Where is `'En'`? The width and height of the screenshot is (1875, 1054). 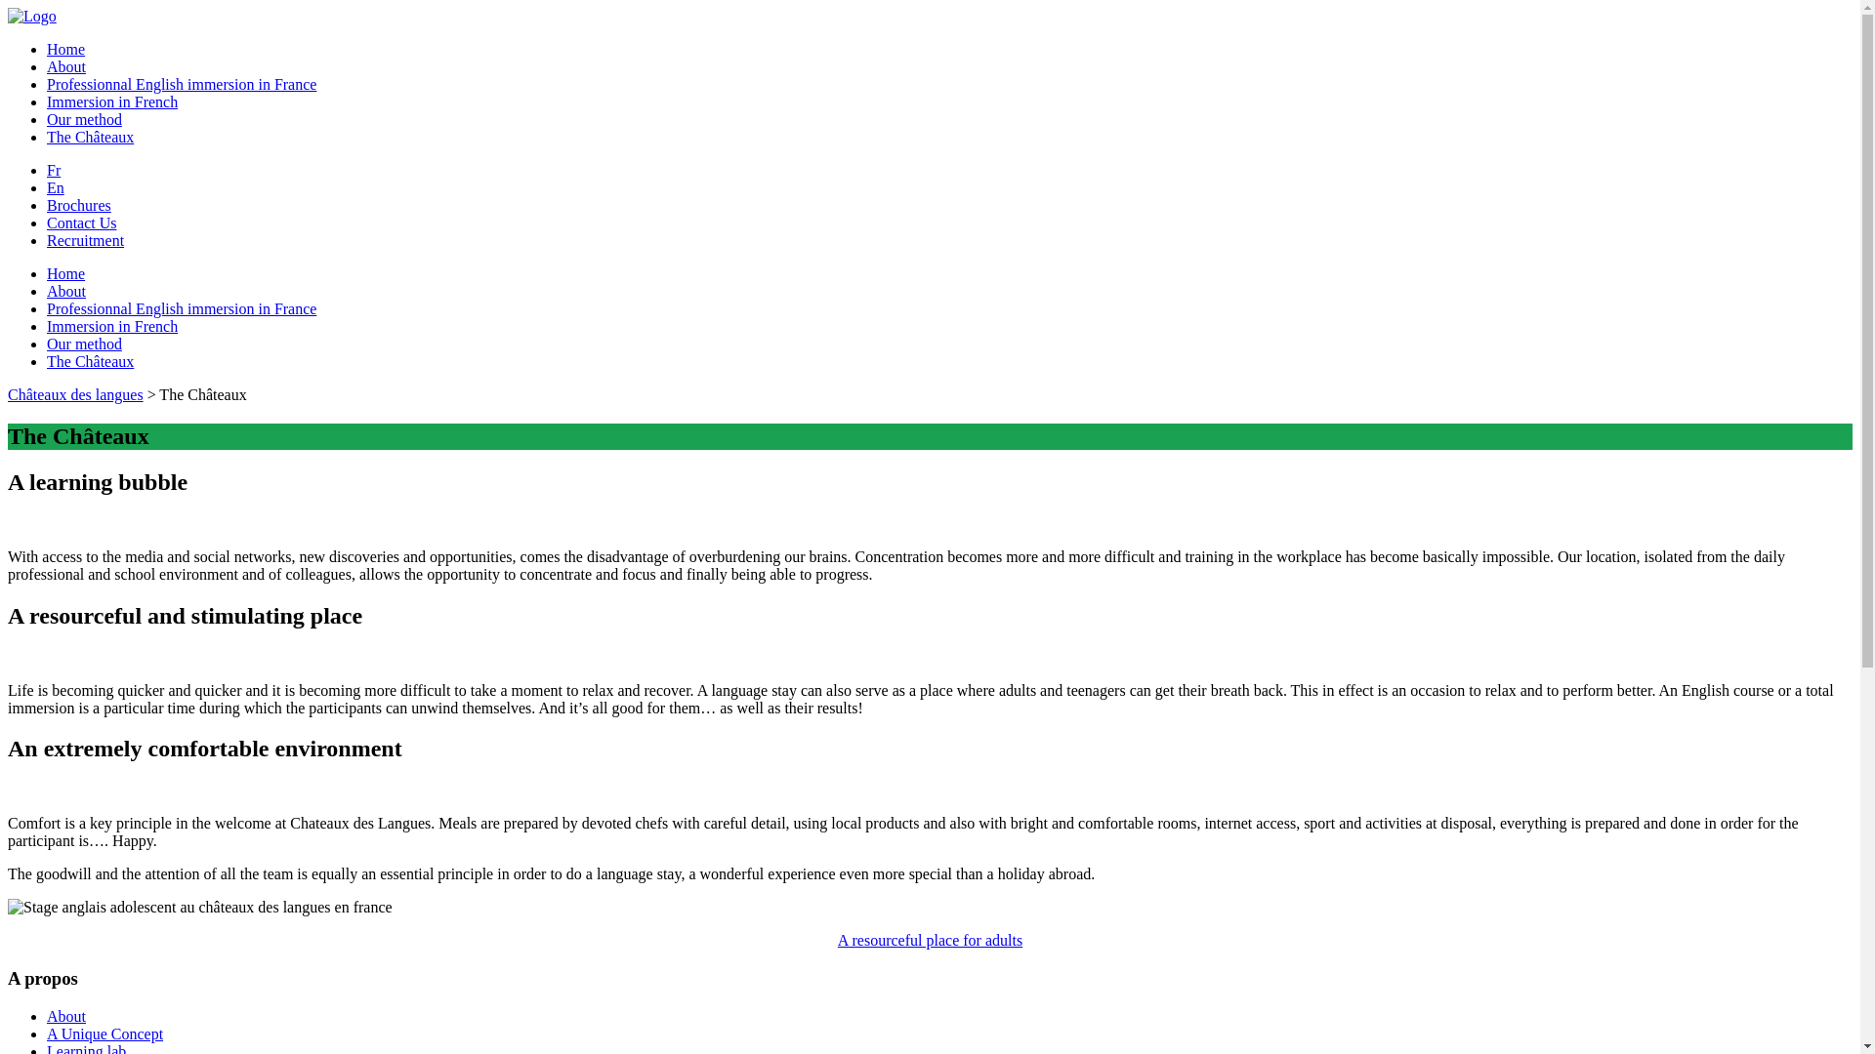 'En' is located at coordinates (47, 187).